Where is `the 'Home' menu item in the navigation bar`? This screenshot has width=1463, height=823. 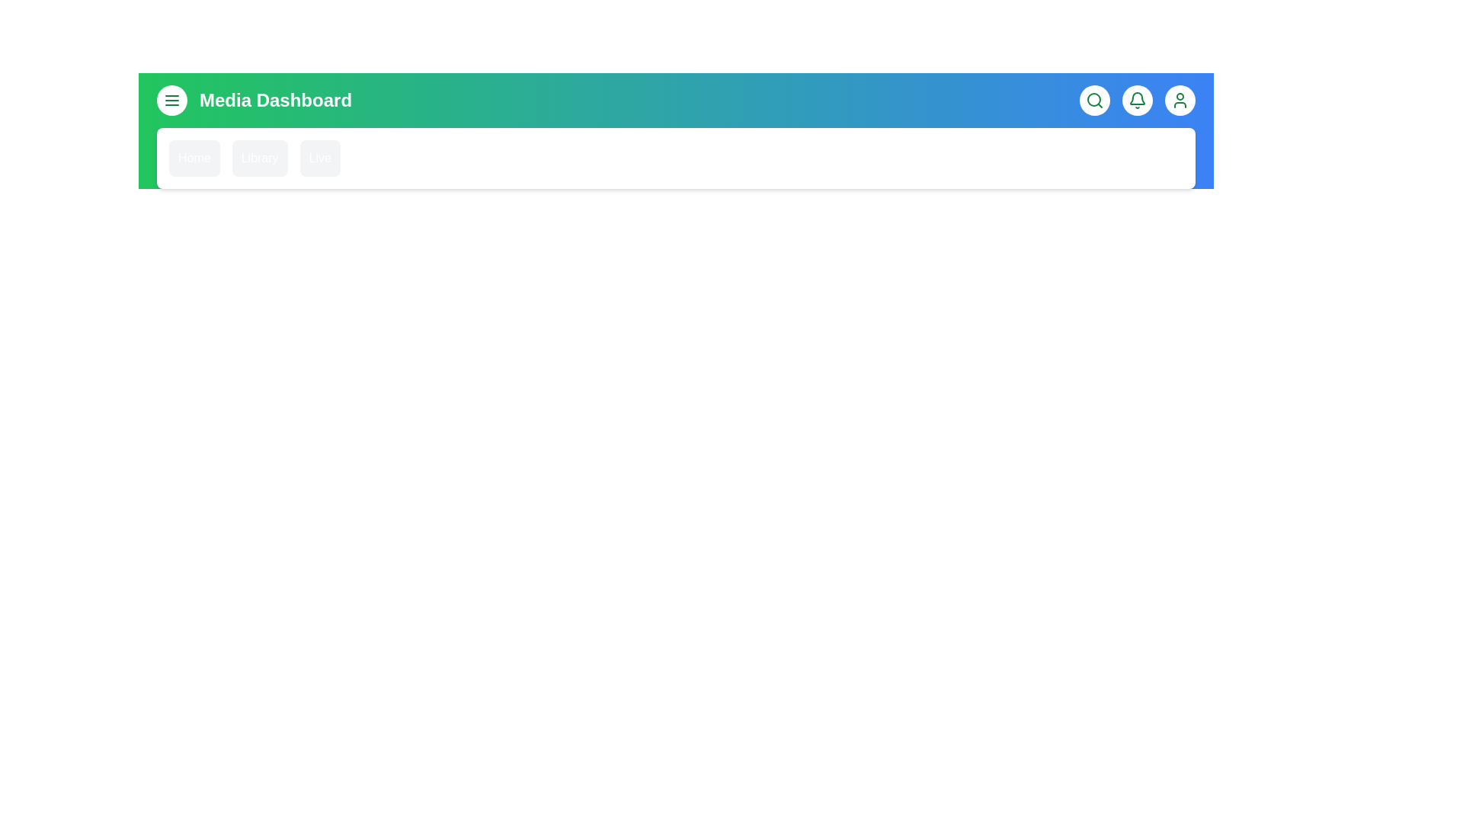 the 'Home' menu item in the navigation bar is located at coordinates (193, 159).